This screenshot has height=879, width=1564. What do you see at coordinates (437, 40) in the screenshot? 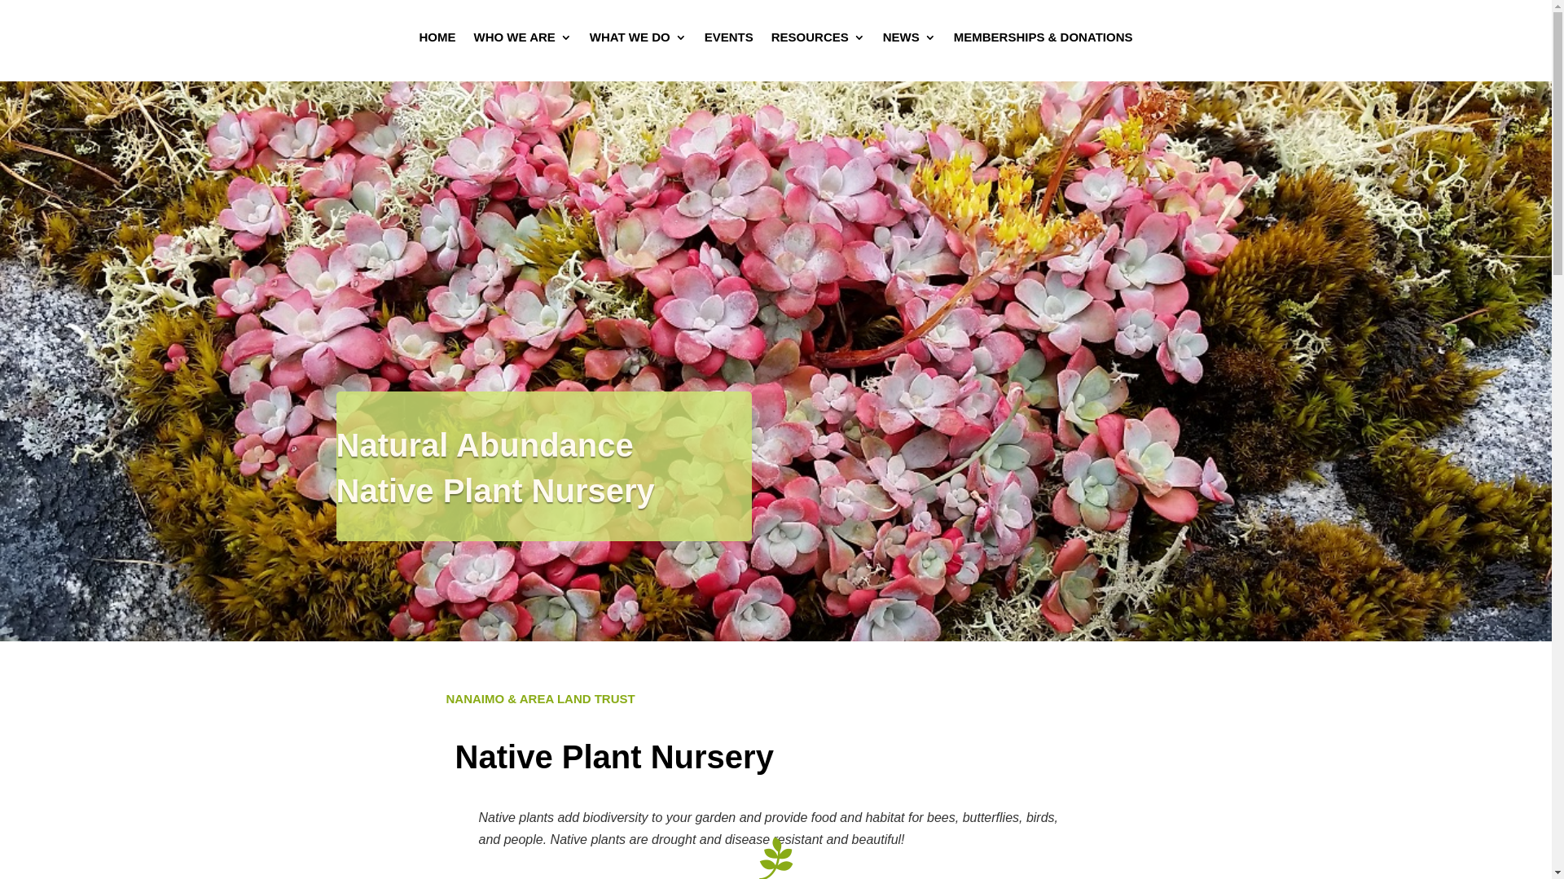
I see `'HOME'` at bounding box center [437, 40].